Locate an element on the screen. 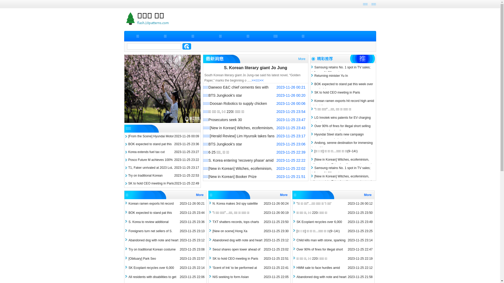 This screenshot has height=283, width=504. 'Hyundai Steel starts new campaign promoting recycled steel' is located at coordinates (338, 137).